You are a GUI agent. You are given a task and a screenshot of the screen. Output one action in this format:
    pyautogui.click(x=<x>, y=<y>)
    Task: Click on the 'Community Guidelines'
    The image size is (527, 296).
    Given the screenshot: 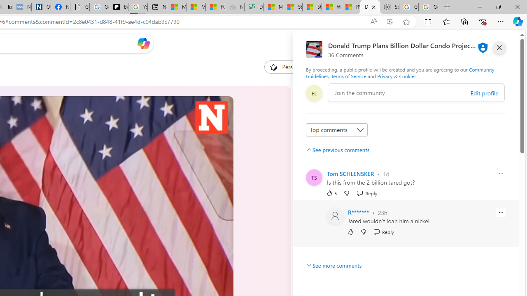 What is the action you would take?
    pyautogui.click(x=400, y=72)
    